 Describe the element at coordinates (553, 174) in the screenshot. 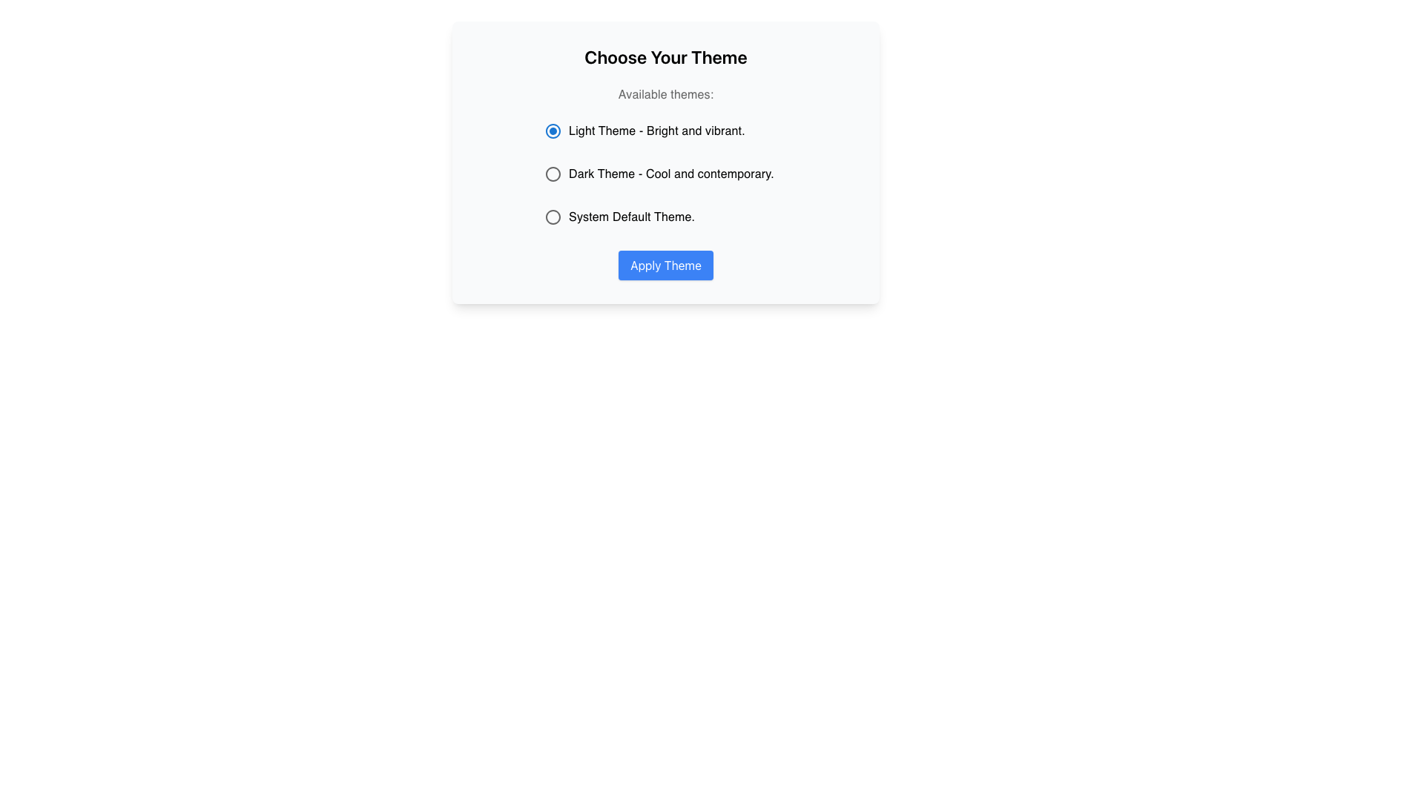

I see `the second radio button for 'Dark Theme'` at that location.